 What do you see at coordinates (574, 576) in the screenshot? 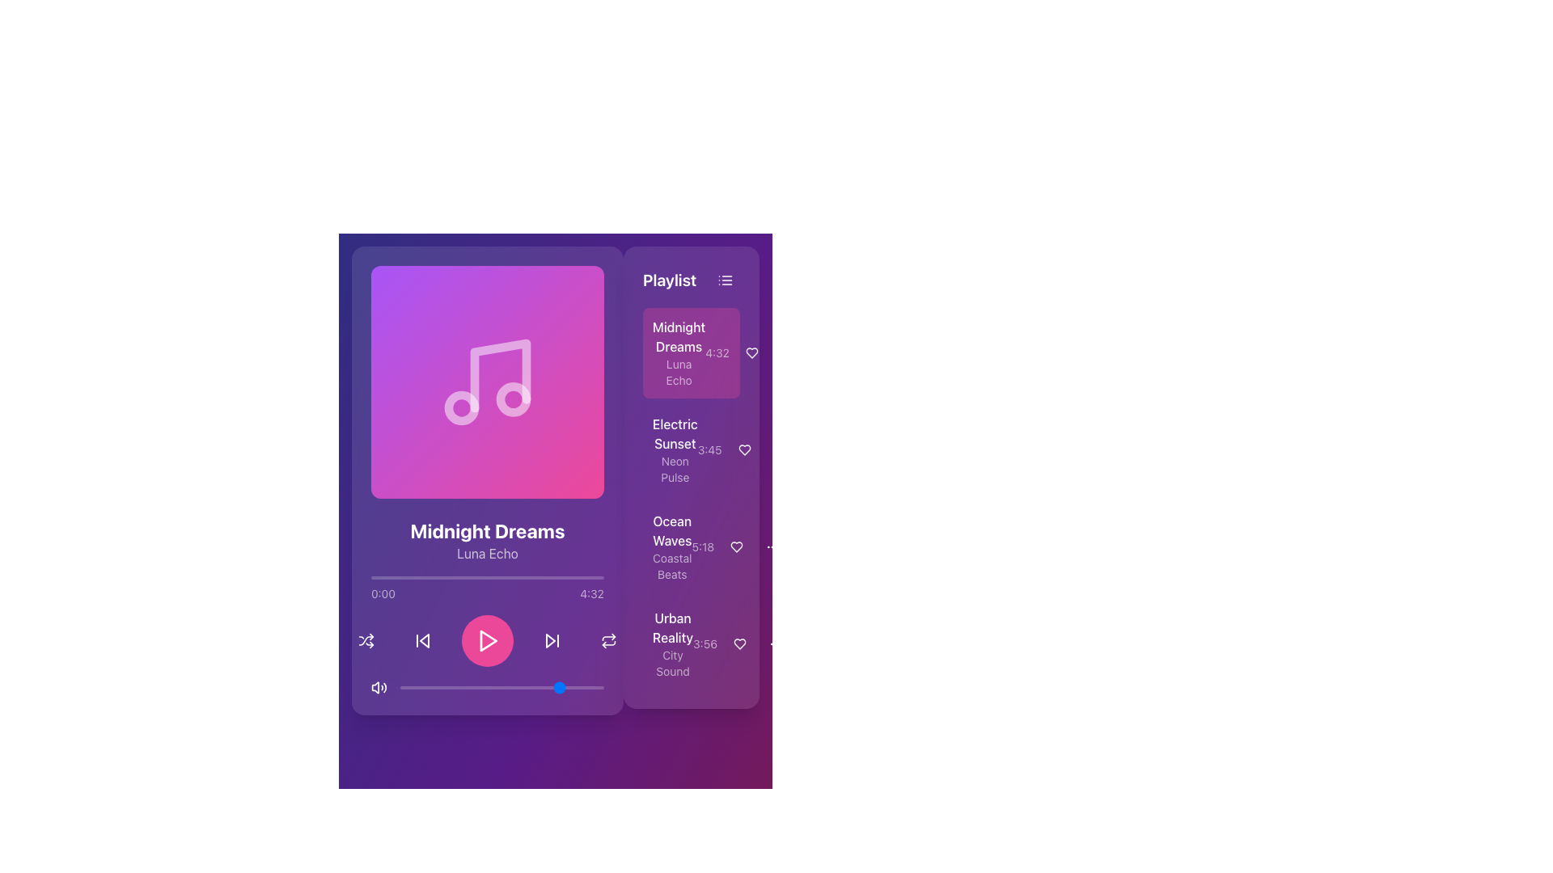
I see `playback position` at bounding box center [574, 576].